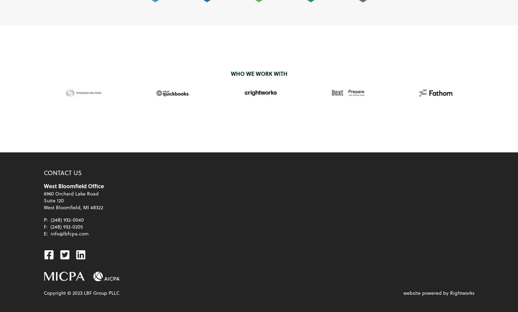 The image size is (518, 312). What do you see at coordinates (402, 292) in the screenshot?
I see `'website powered by Rightworks'` at bounding box center [402, 292].